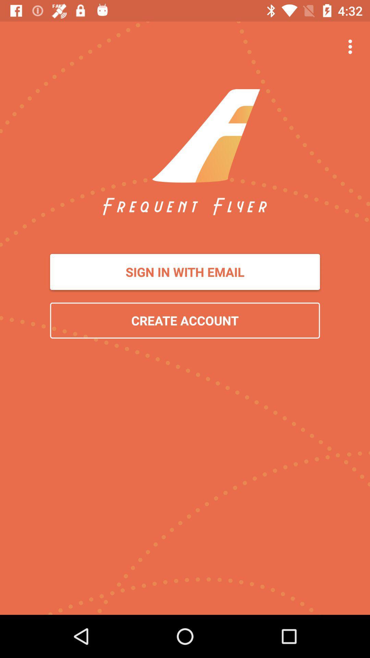 The image size is (370, 658). Describe the element at coordinates (352, 46) in the screenshot. I see `icon at the top right corner` at that location.